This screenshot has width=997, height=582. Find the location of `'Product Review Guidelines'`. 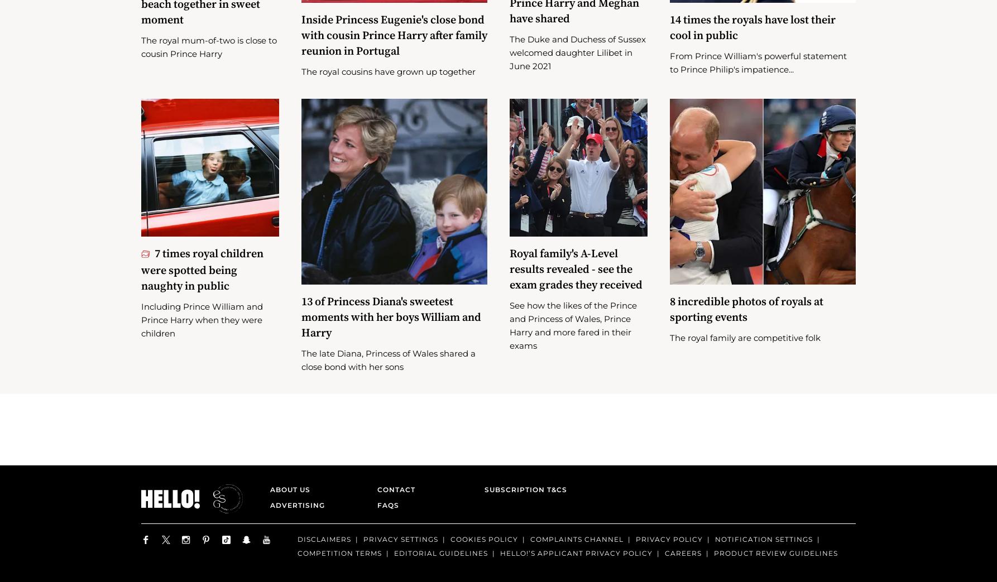

'Product Review Guidelines' is located at coordinates (713, 570).